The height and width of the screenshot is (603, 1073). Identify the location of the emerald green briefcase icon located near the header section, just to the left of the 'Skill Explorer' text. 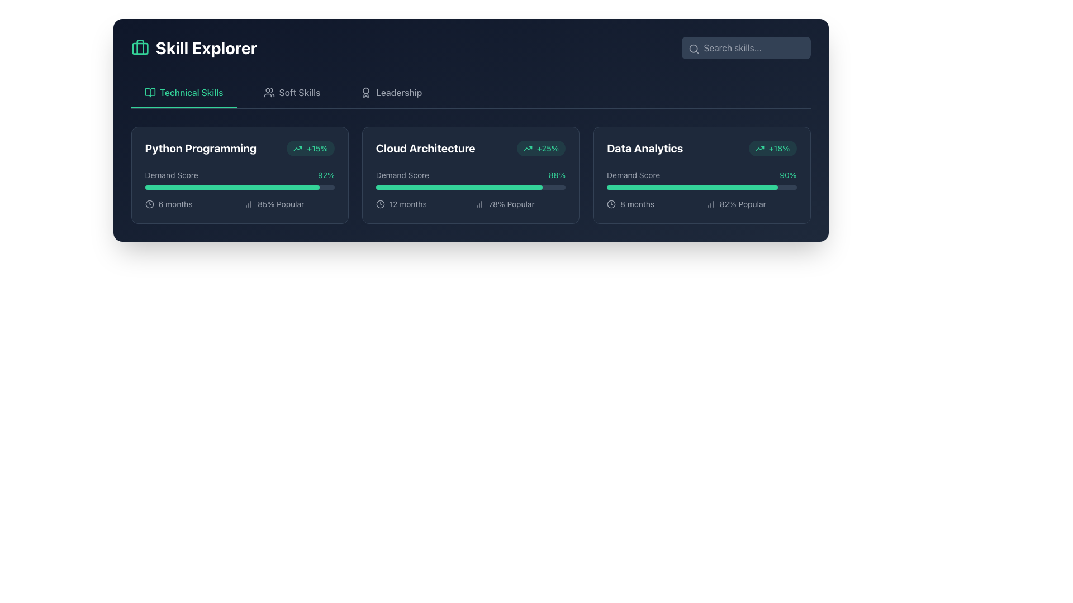
(139, 47).